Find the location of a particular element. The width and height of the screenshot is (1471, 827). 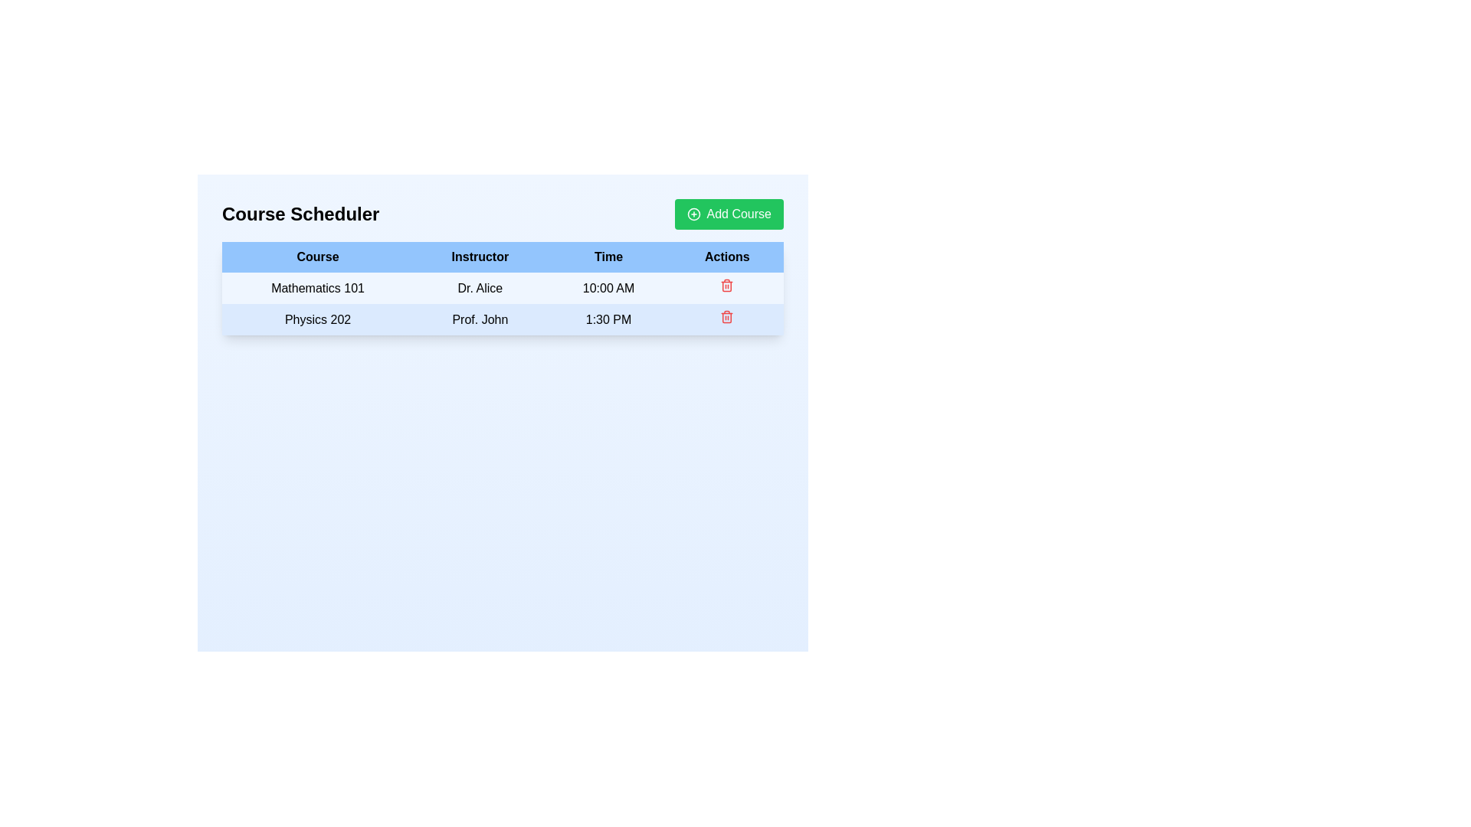

the red trash bin icon located on the rightmost side of the first row under the 'Actions' column is located at coordinates (726, 288).